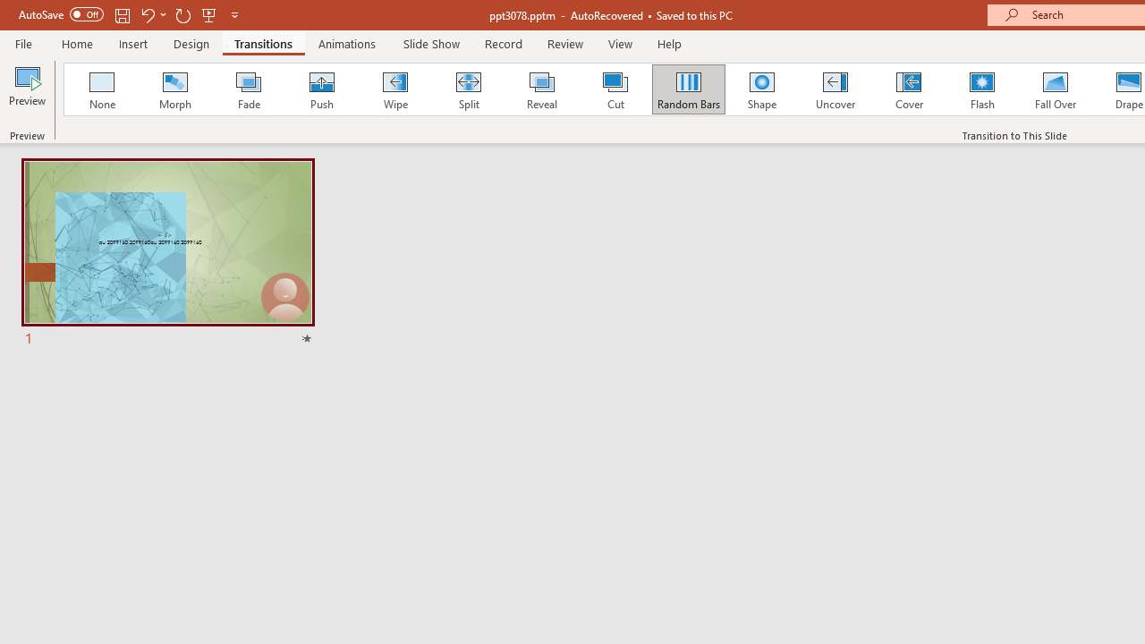  I want to click on 'Fall Over', so click(1056, 89).